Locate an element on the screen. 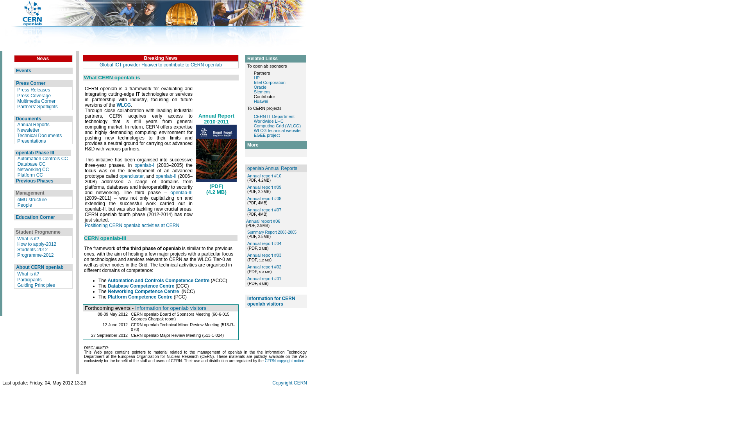  'Press Coverage' is located at coordinates (33, 95).